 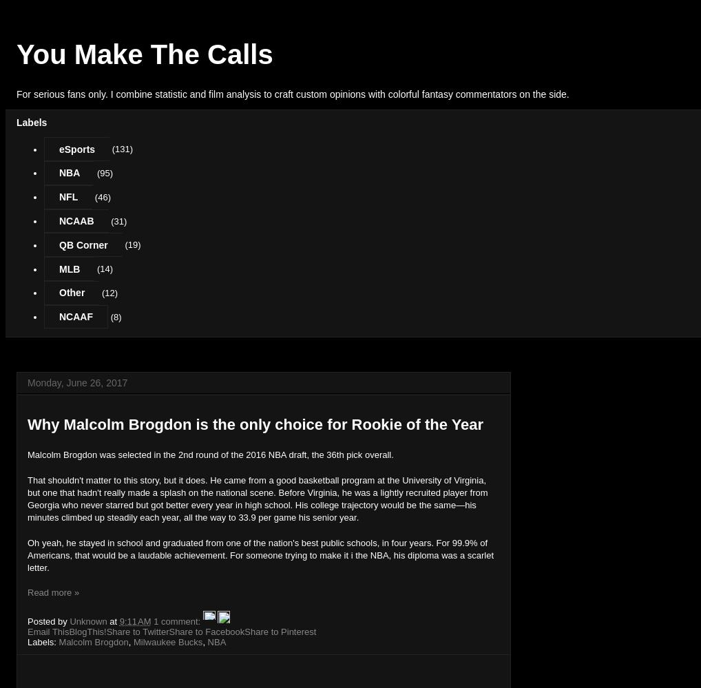 I want to click on '9:11 AM', so click(x=134, y=621).